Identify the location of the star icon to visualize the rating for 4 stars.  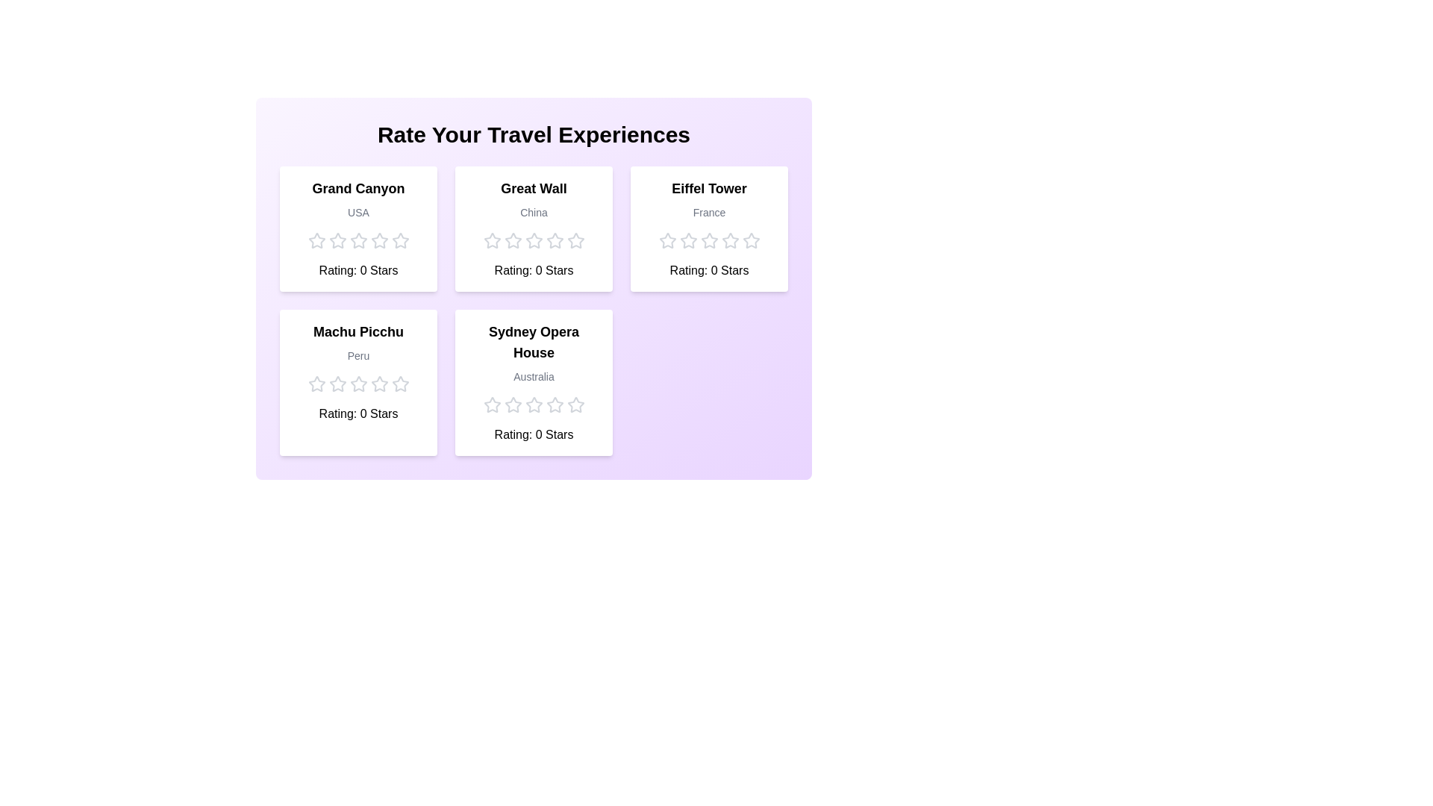
(379, 240).